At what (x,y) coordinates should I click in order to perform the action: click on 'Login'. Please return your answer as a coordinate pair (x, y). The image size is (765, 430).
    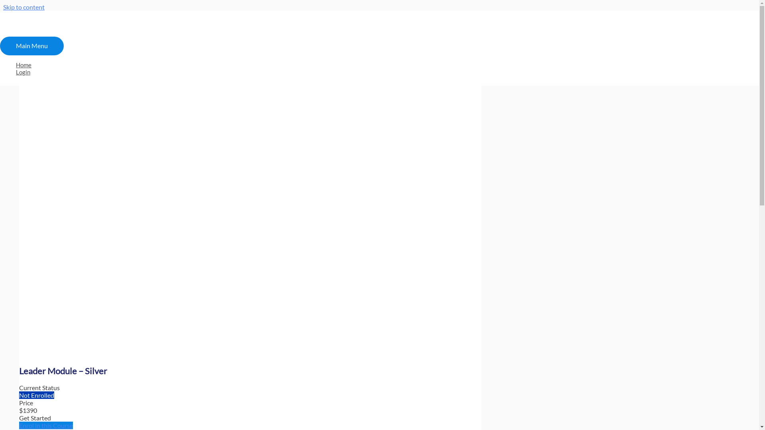
    Looking at the image, I should click on (16, 72).